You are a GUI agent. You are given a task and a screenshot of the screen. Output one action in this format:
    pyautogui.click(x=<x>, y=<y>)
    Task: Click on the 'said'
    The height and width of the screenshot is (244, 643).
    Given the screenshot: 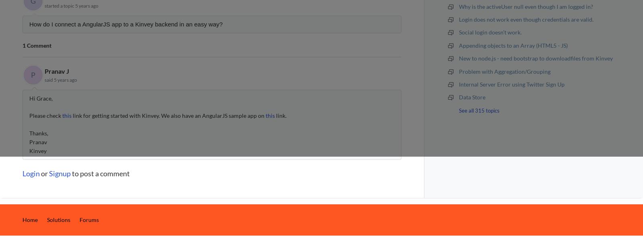 What is the action you would take?
    pyautogui.click(x=49, y=79)
    